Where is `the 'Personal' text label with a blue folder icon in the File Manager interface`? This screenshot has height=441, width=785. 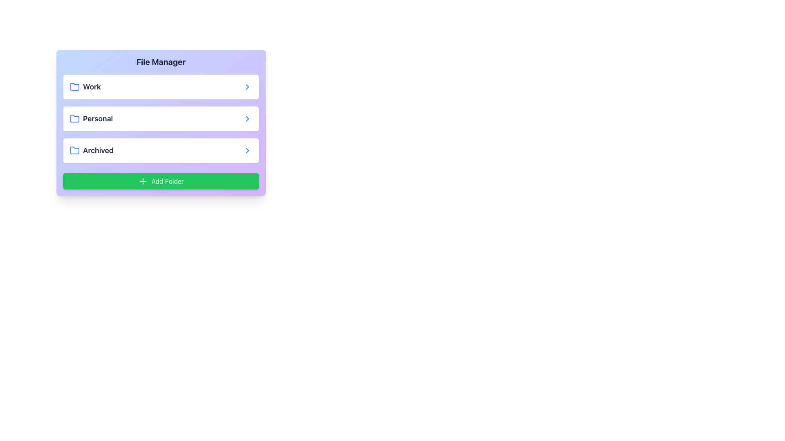
the 'Personal' text label with a blue folder icon in the File Manager interface is located at coordinates (91, 118).